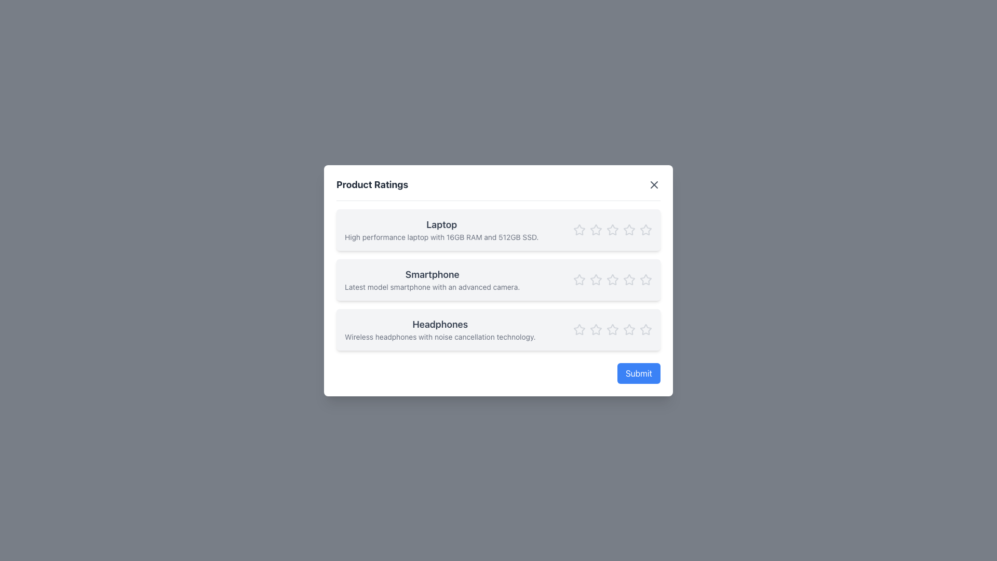 The image size is (997, 561). What do you see at coordinates (579, 279) in the screenshot?
I see `the first rating star icon in the second row of the rating system for the 'Smartphone' label` at bounding box center [579, 279].